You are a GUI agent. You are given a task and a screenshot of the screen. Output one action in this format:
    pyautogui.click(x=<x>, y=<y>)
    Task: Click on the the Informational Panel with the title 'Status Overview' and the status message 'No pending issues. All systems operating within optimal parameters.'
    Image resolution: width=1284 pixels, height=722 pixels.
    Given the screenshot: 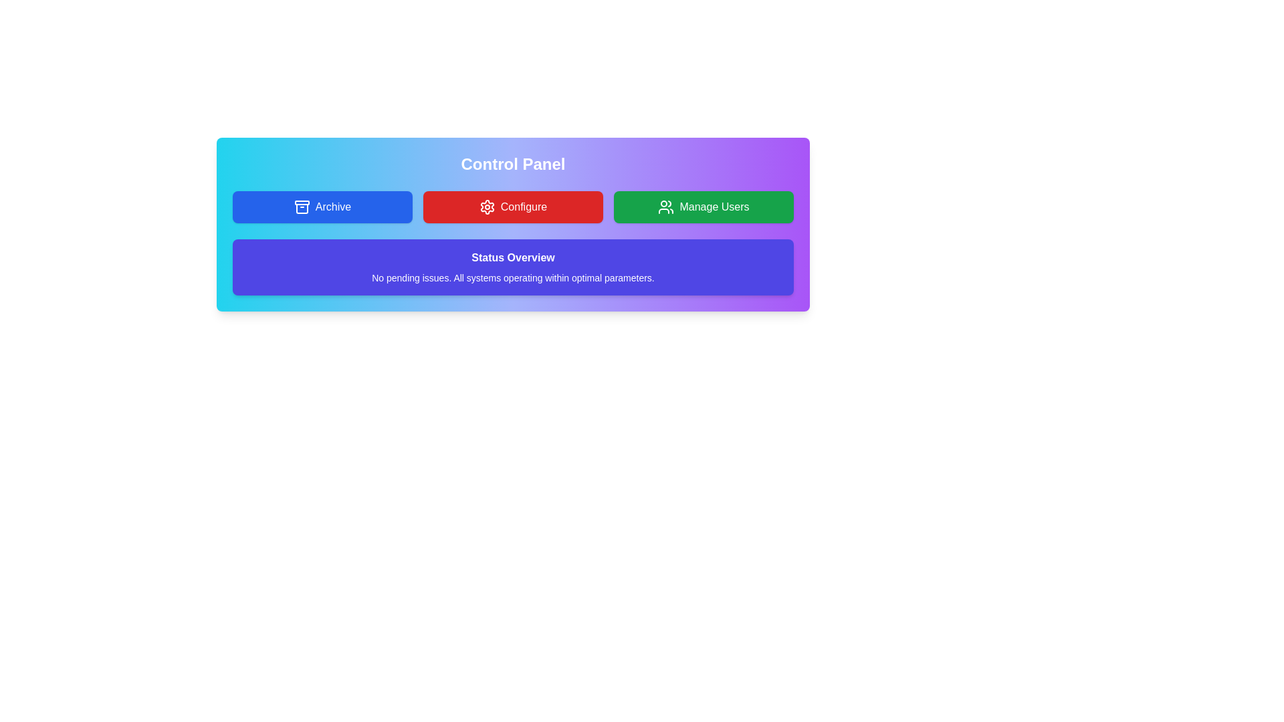 What is the action you would take?
    pyautogui.click(x=512, y=267)
    